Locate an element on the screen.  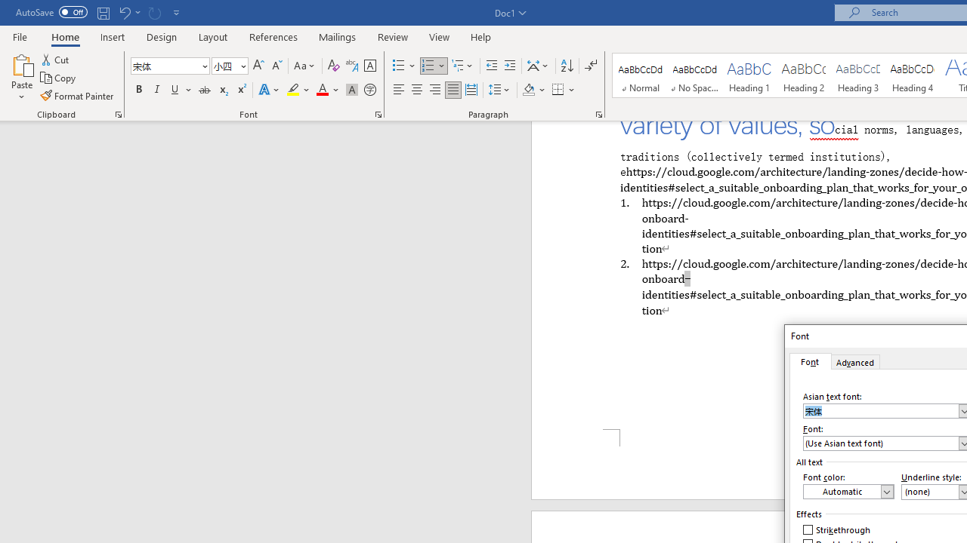
'Numbering' is located at coordinates (433, 65).